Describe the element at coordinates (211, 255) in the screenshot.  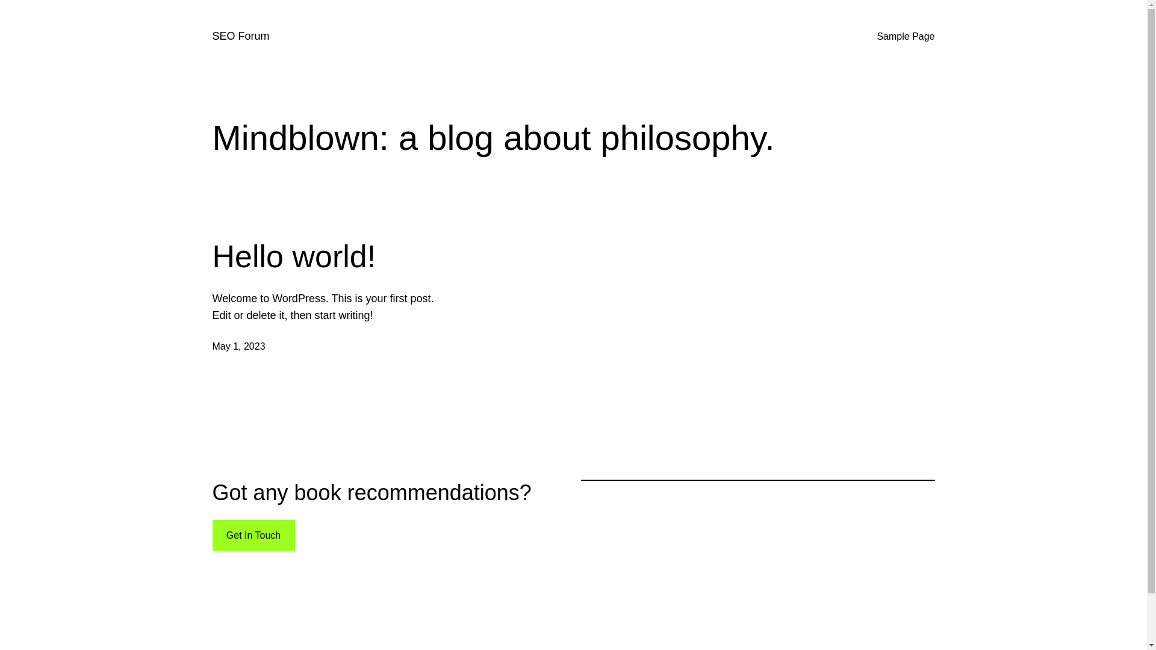
I see `'Hello world!'` at that location.